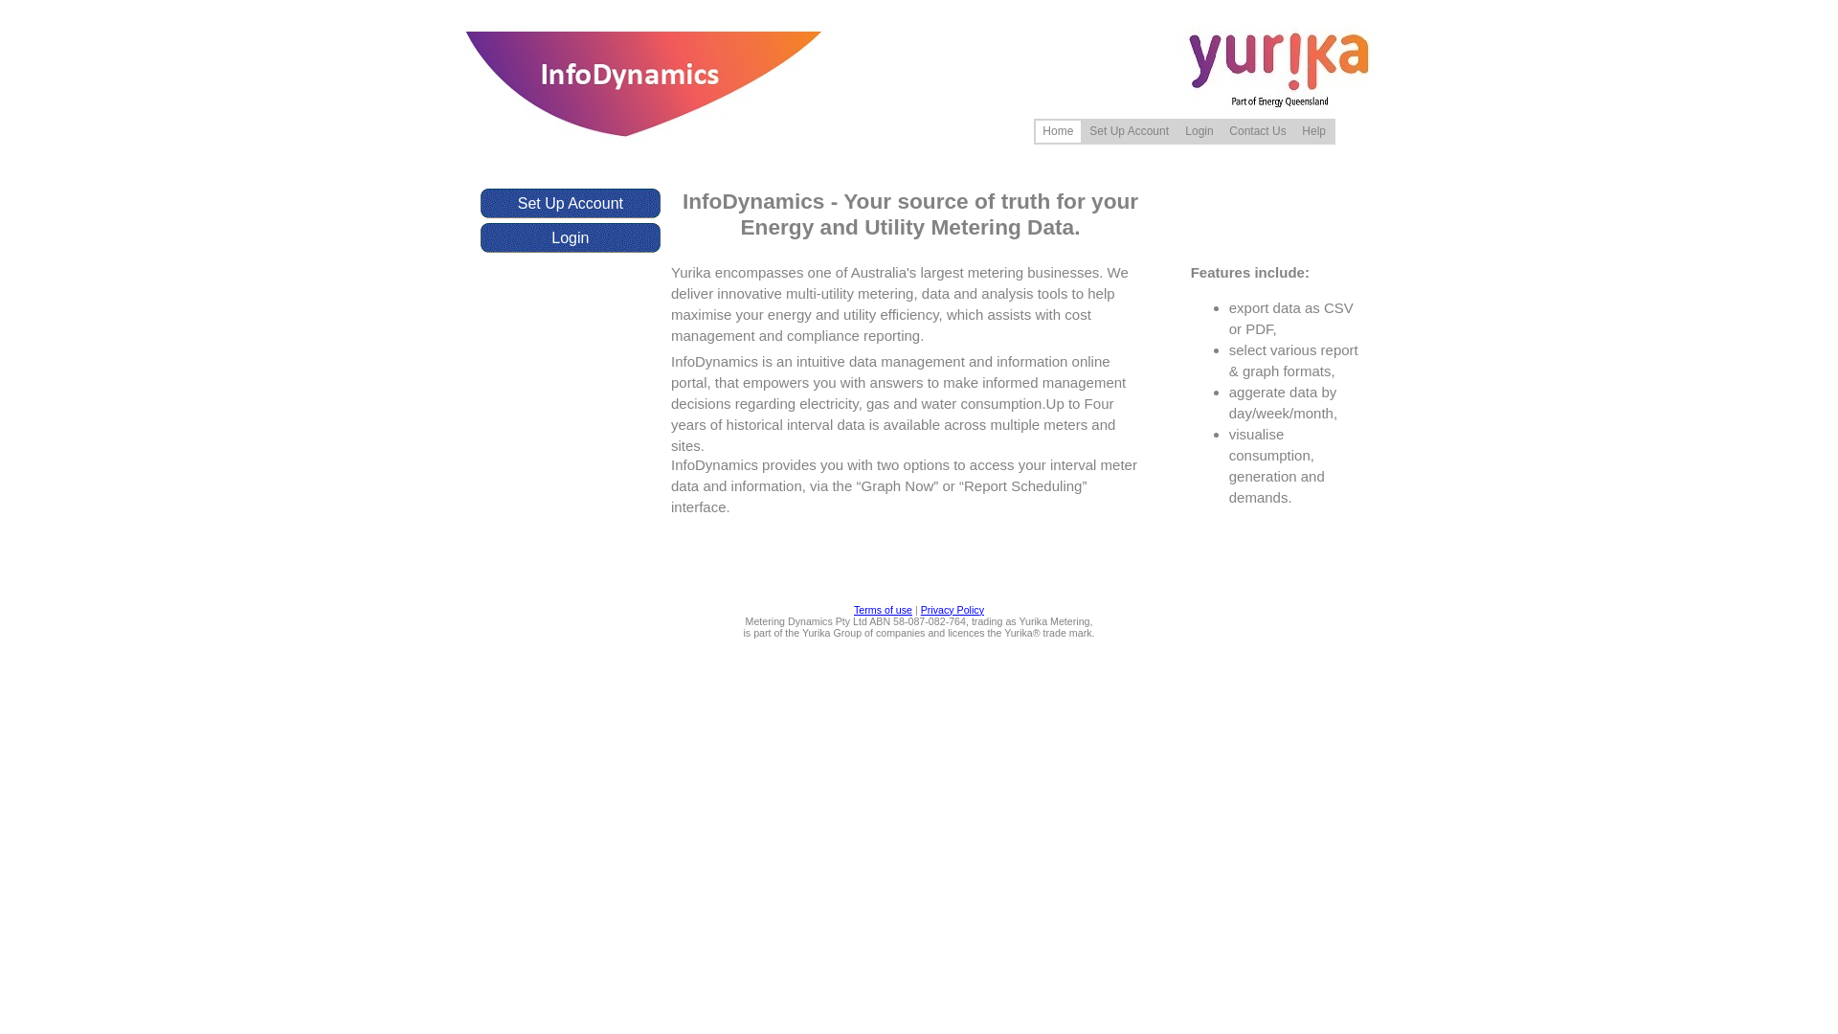 This screenshot has height=1034, width=1838. I want to click on 'Set Up Account', so click(1129, 130).